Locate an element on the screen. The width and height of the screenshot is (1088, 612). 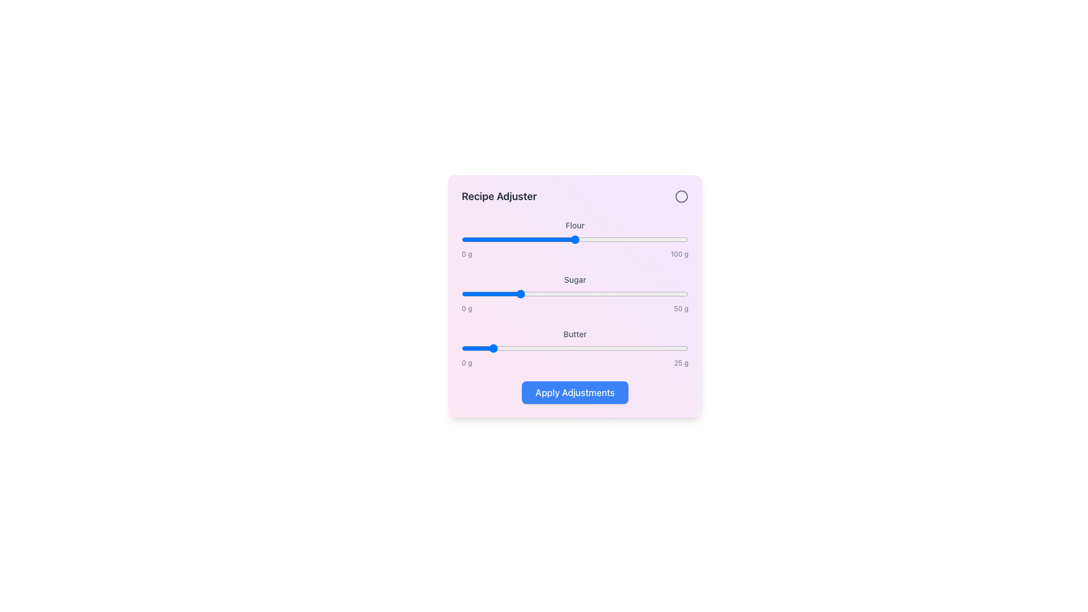
the label indicating '25 grams', which is located at the right end of the 'Butter' slider component, adjacent to the slider track is located at coordinates (681, 363).